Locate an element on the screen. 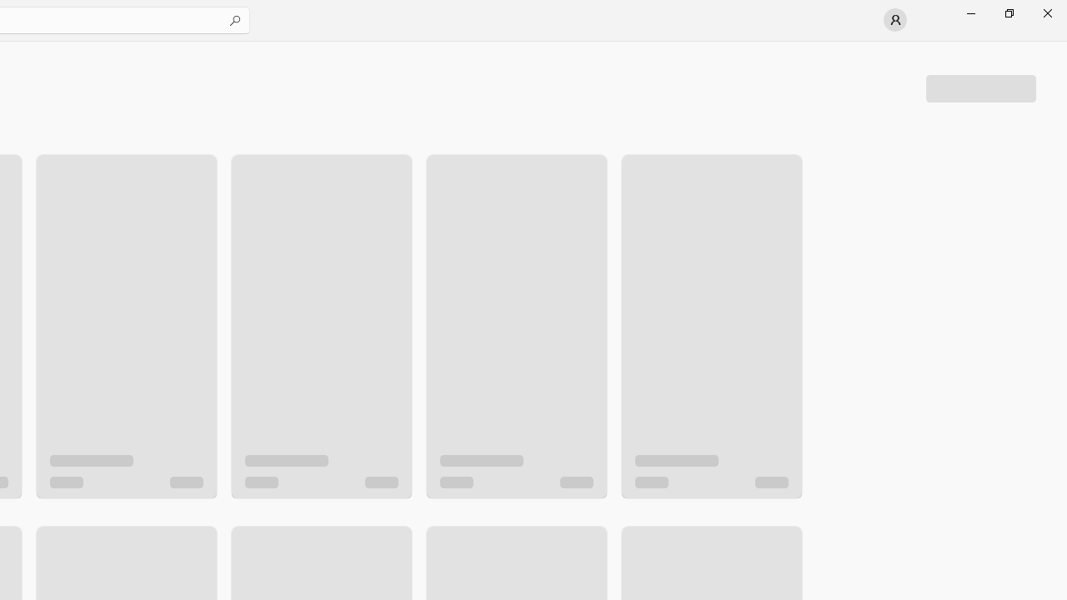  'Close Microsoft Store' is located at coordinates (1046, 12).